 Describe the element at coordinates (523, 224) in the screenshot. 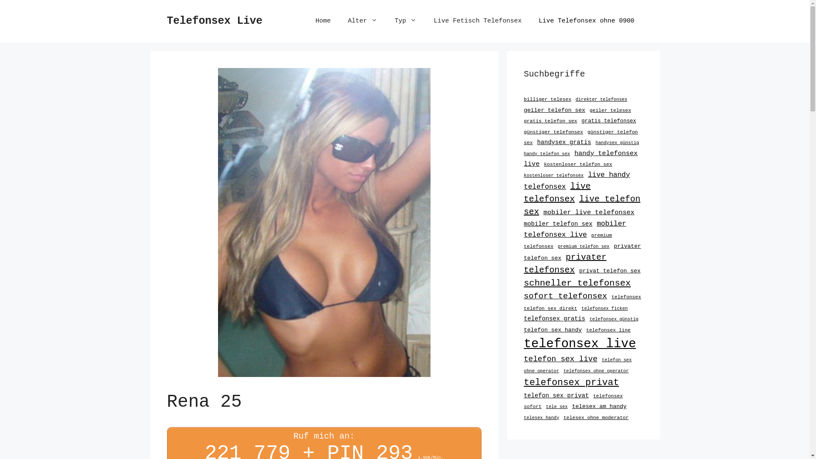

I see `'mobiler telefon sex'` at that location.